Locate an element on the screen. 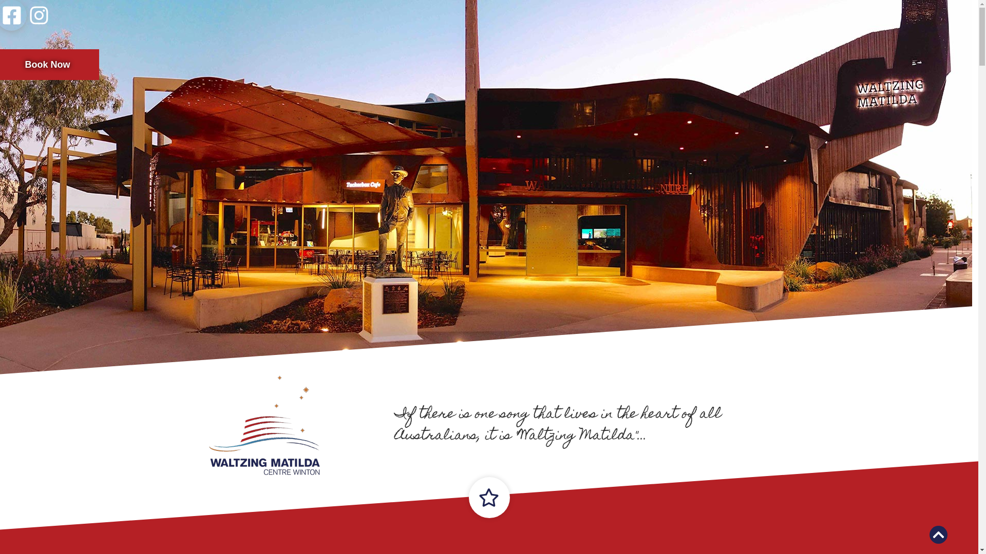  'Back to the top' is located at coordinates (938, 534).